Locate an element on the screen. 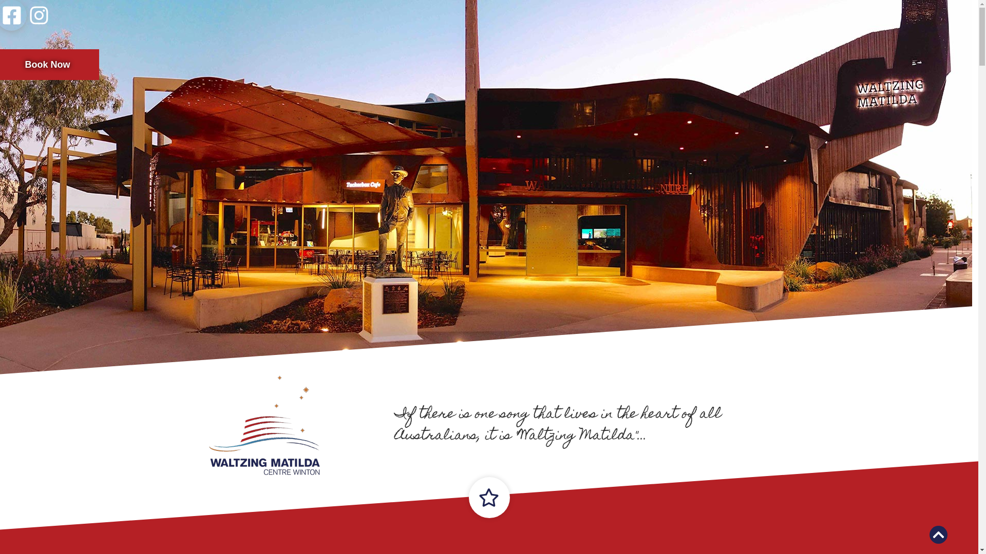  'Back to the top' is located at coordinates (938, 534).